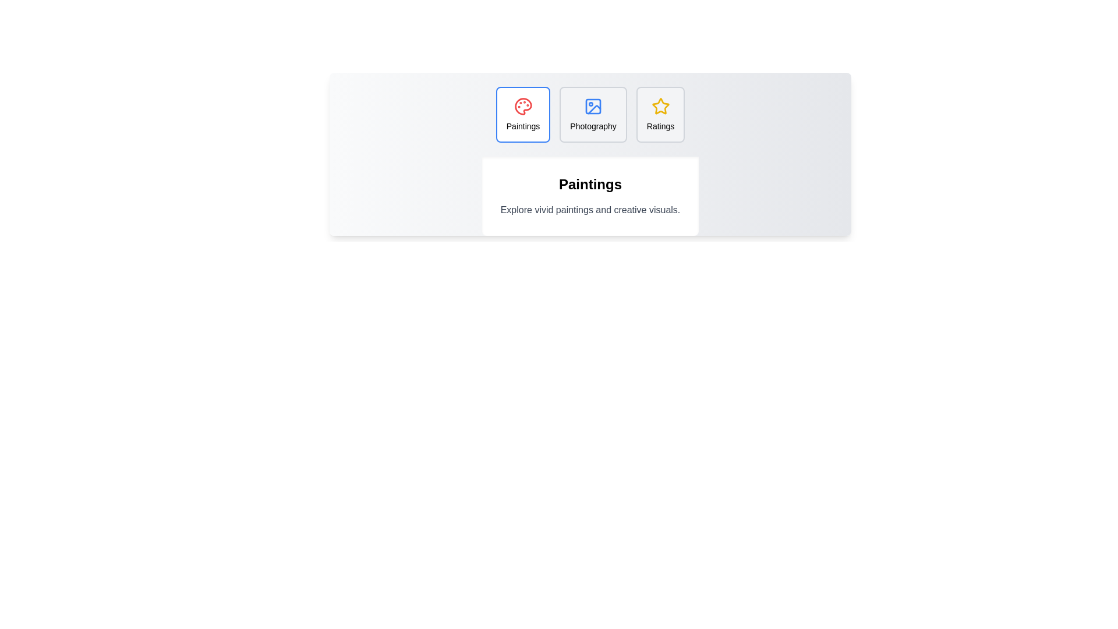  What do you see at coordinates (593, 114) in the screenshot?
I see `the tab labeled Photography` at bounding box center [593, 114].